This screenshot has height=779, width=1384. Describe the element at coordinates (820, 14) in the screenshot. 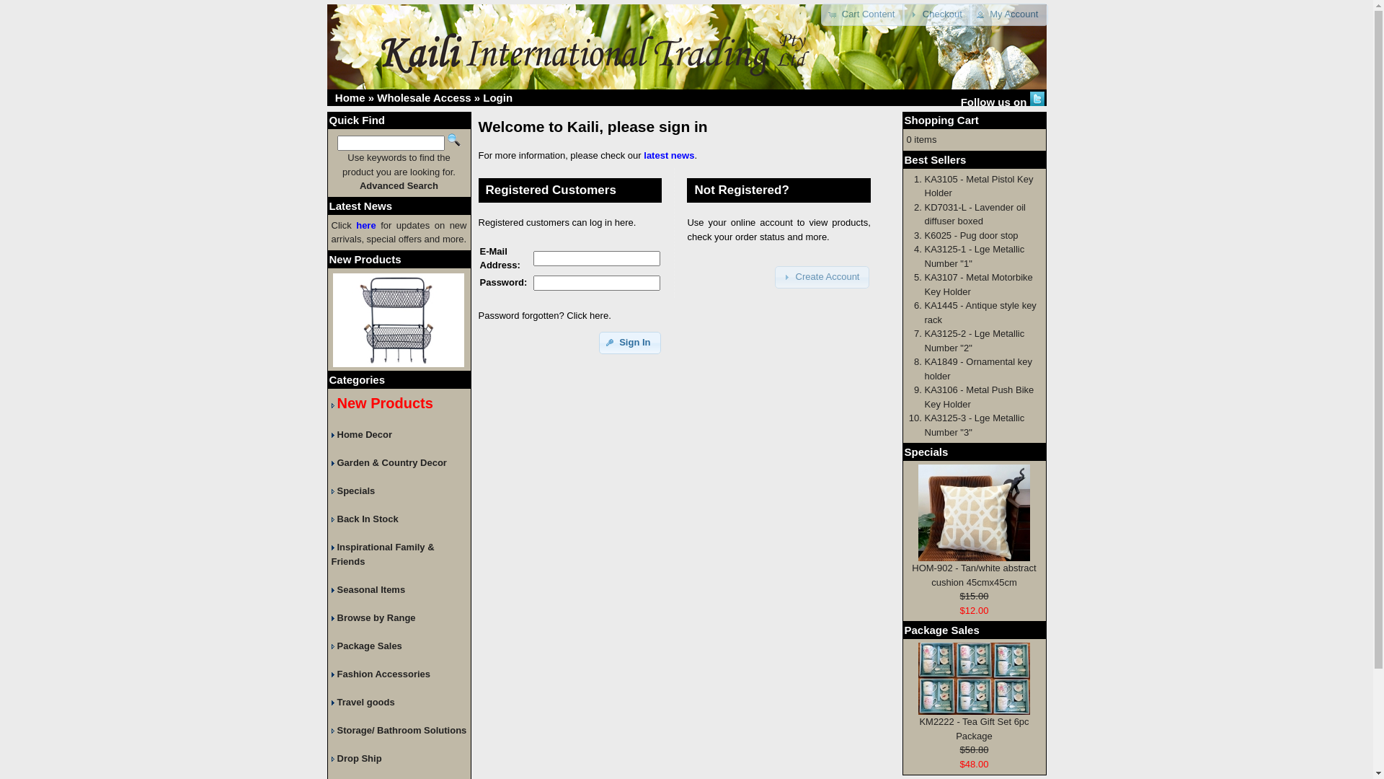

I see `'Cart Content'` at that location.